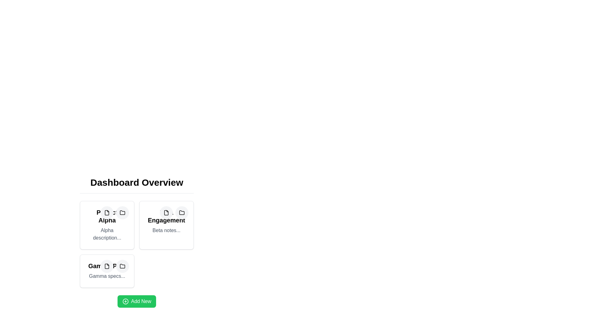 This screenshot has height=336, width=597. What do you see at coordinates (107, 266) in the screenshot?
I see `the black outlined document icon with a folded corner design located in the lower-left card titled 'Gamma specs...' on the dashboard interface` at bounding box center [107, 266].